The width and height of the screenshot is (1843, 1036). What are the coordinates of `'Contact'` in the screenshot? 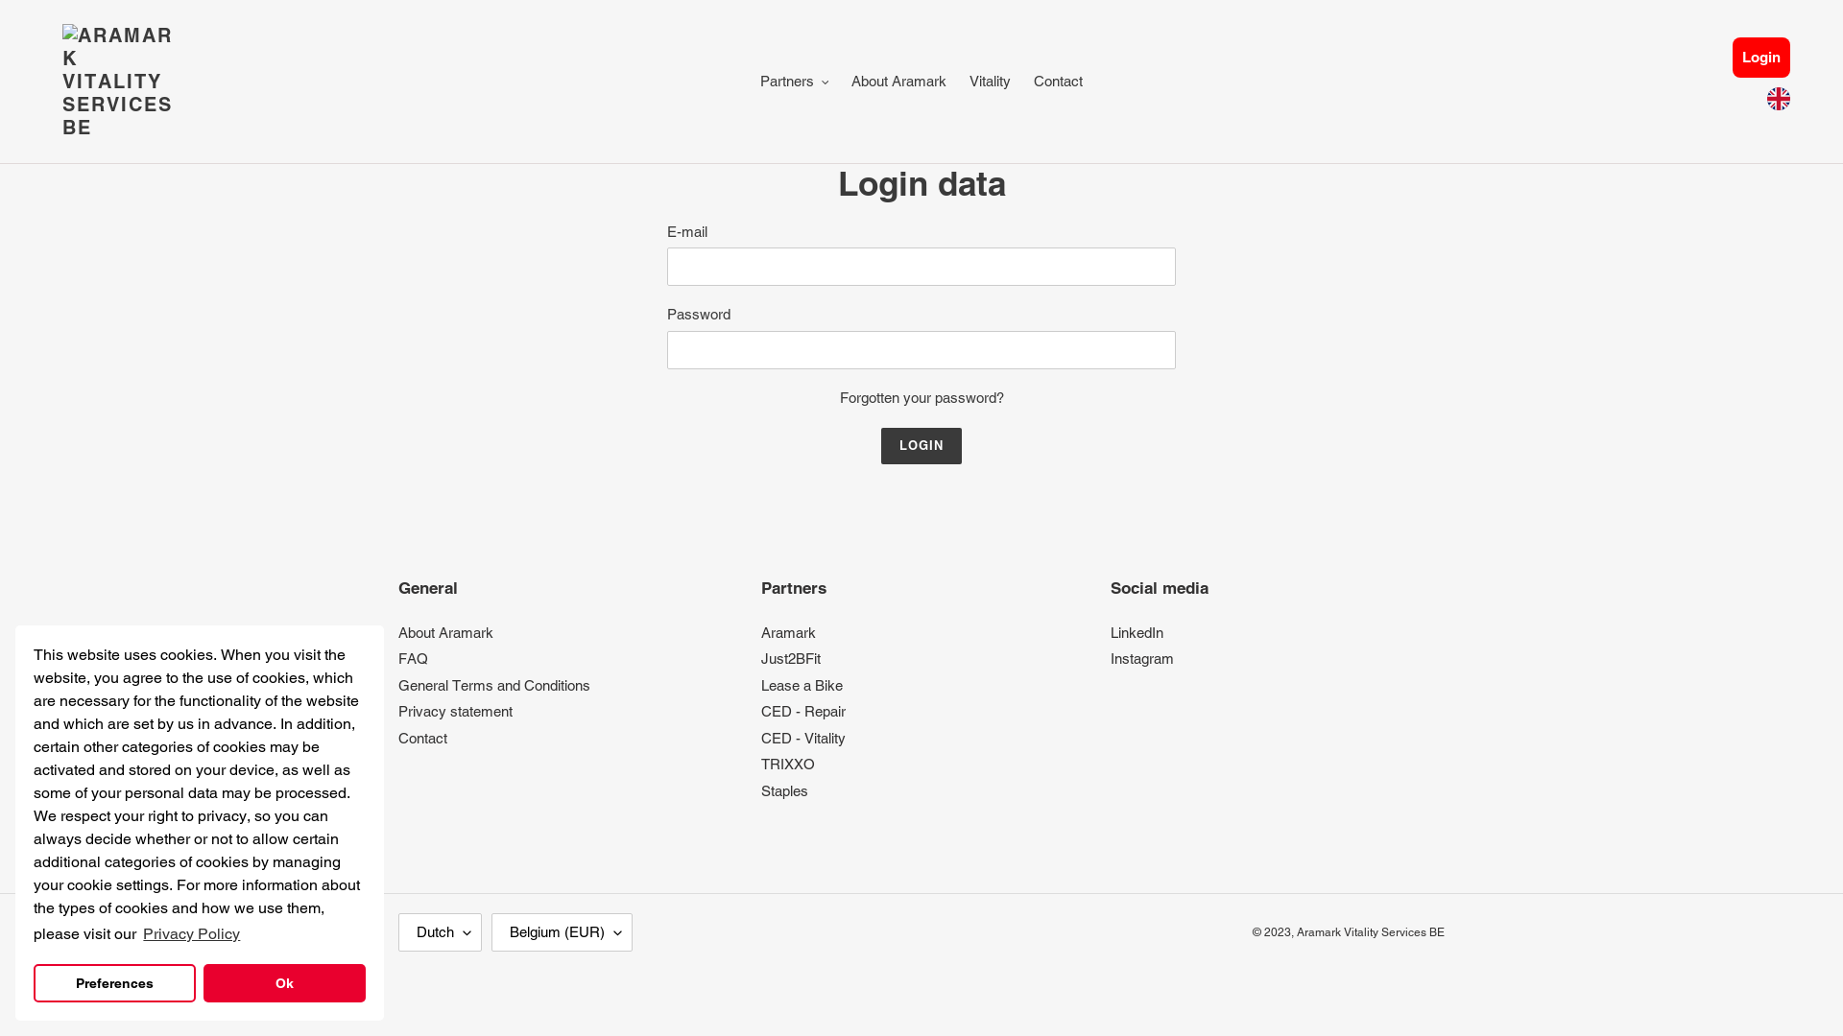 It's located at (1057, 81).